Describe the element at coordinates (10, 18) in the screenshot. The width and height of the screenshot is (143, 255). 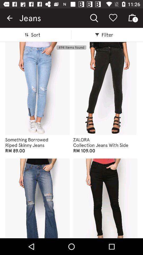
I see `item next to jeans item` at that location.